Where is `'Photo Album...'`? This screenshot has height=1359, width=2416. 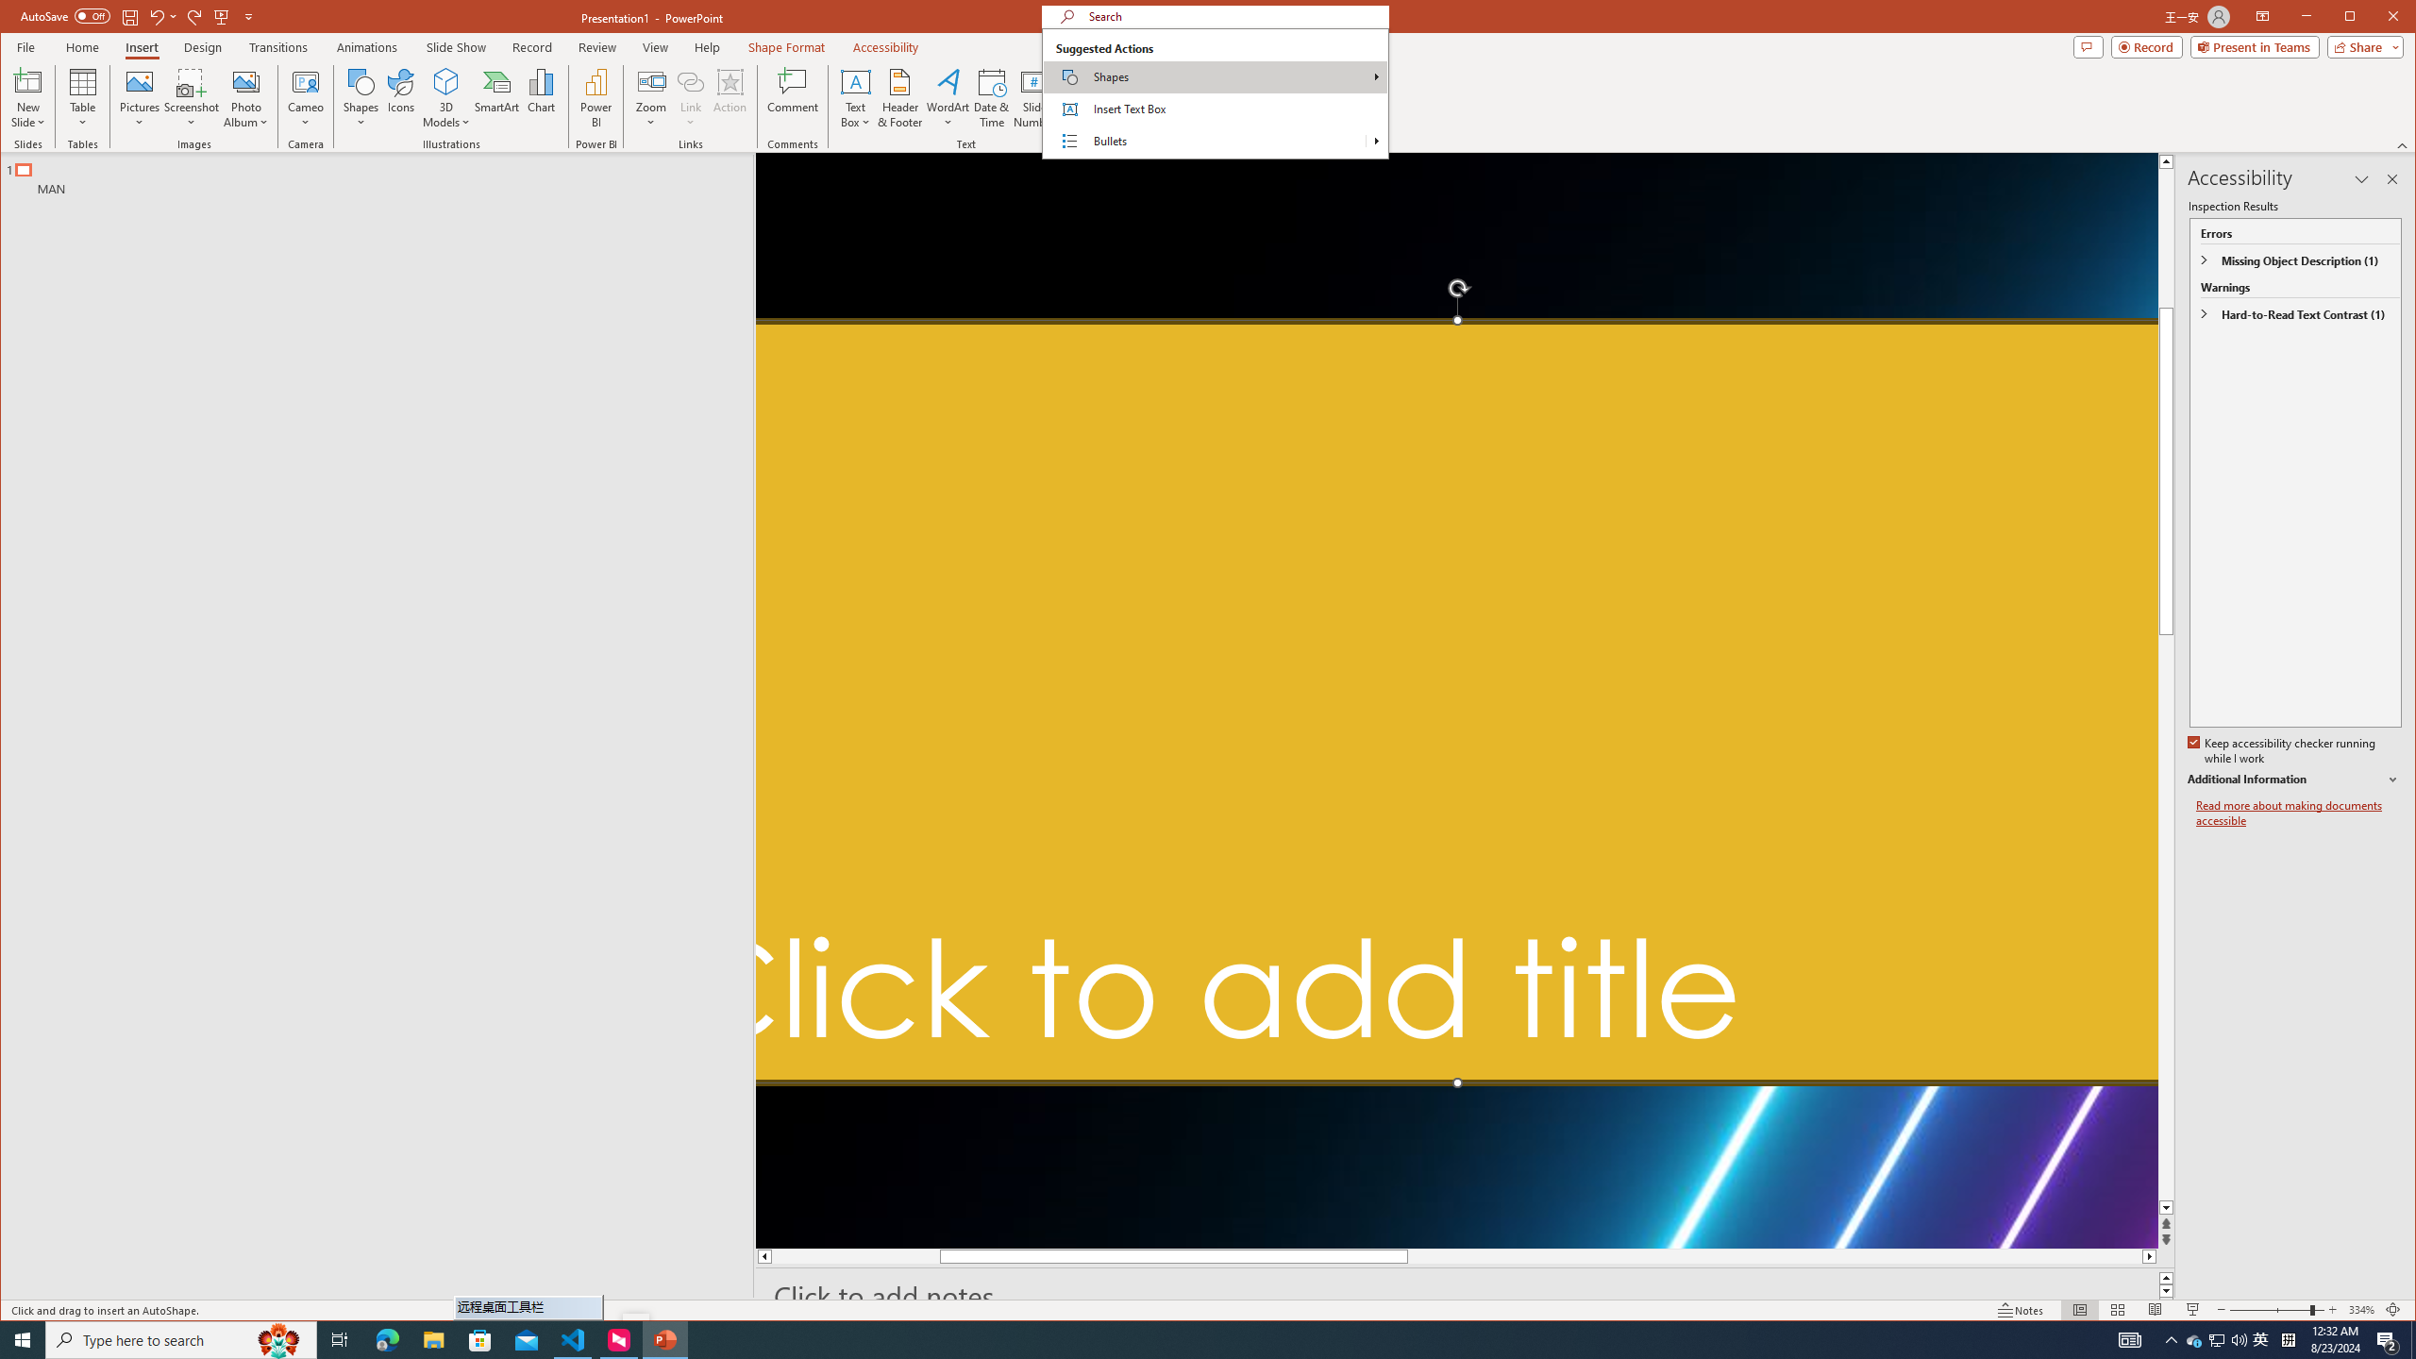
'Photo Album...' is located at coordinates (245, 97).